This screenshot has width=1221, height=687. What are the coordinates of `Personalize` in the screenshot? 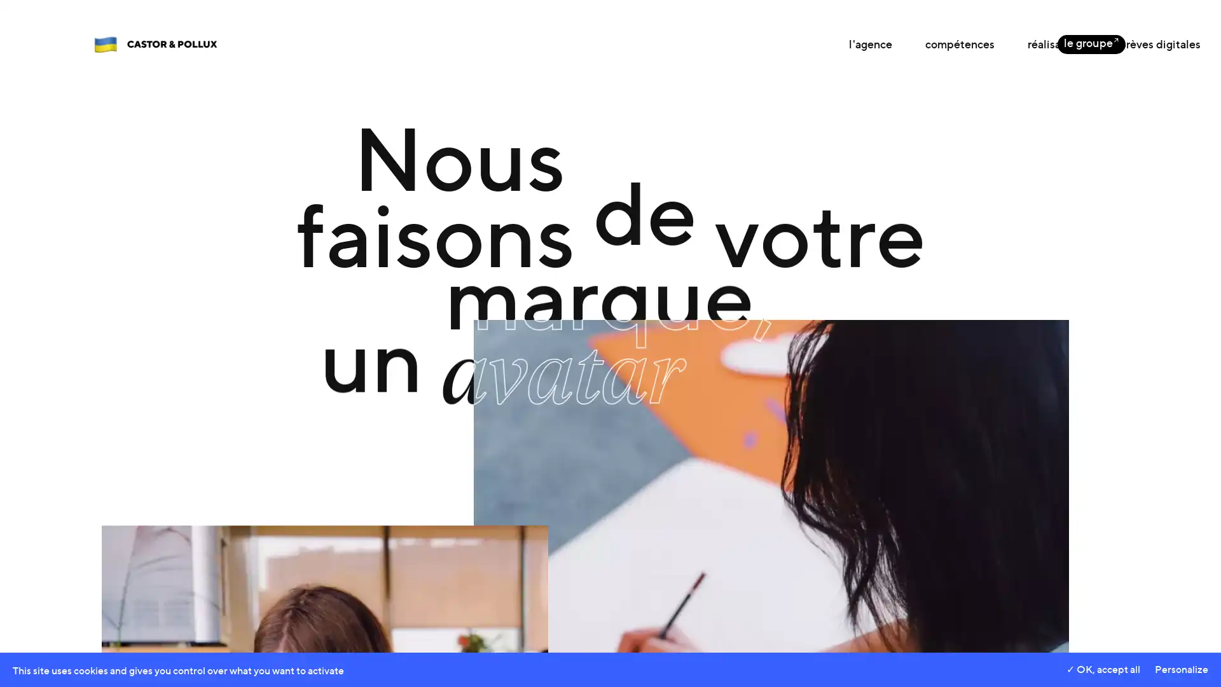 It's located at (1180, 667).